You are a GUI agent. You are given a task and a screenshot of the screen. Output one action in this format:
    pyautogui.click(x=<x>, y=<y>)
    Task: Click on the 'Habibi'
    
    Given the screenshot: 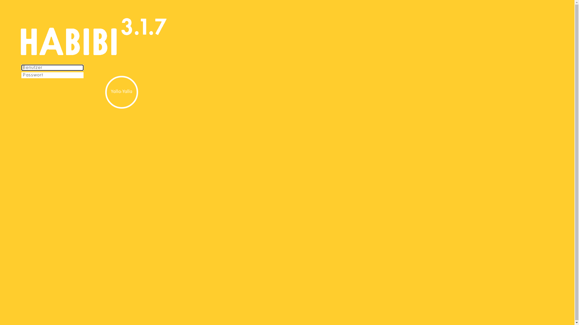 What is the action you would take?
    pyautogui.click(x=136, y=36)
    